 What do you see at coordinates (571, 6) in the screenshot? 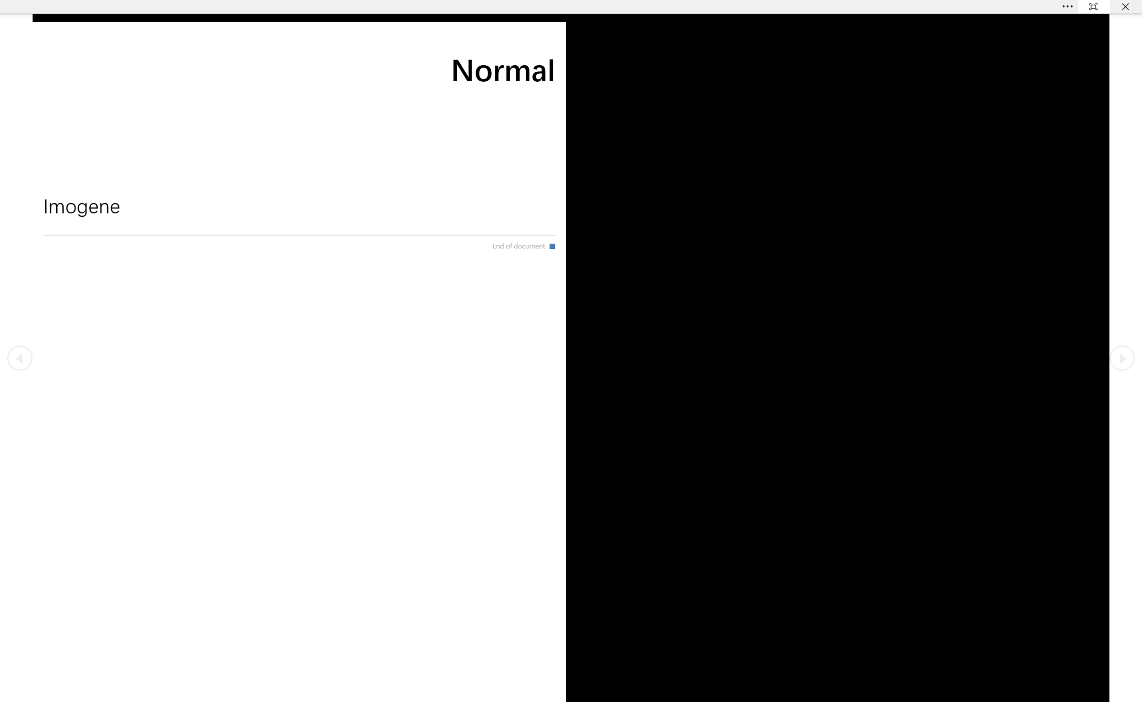
I see `'Class: MsoCommandBar'` at bounding box center [571, 6].